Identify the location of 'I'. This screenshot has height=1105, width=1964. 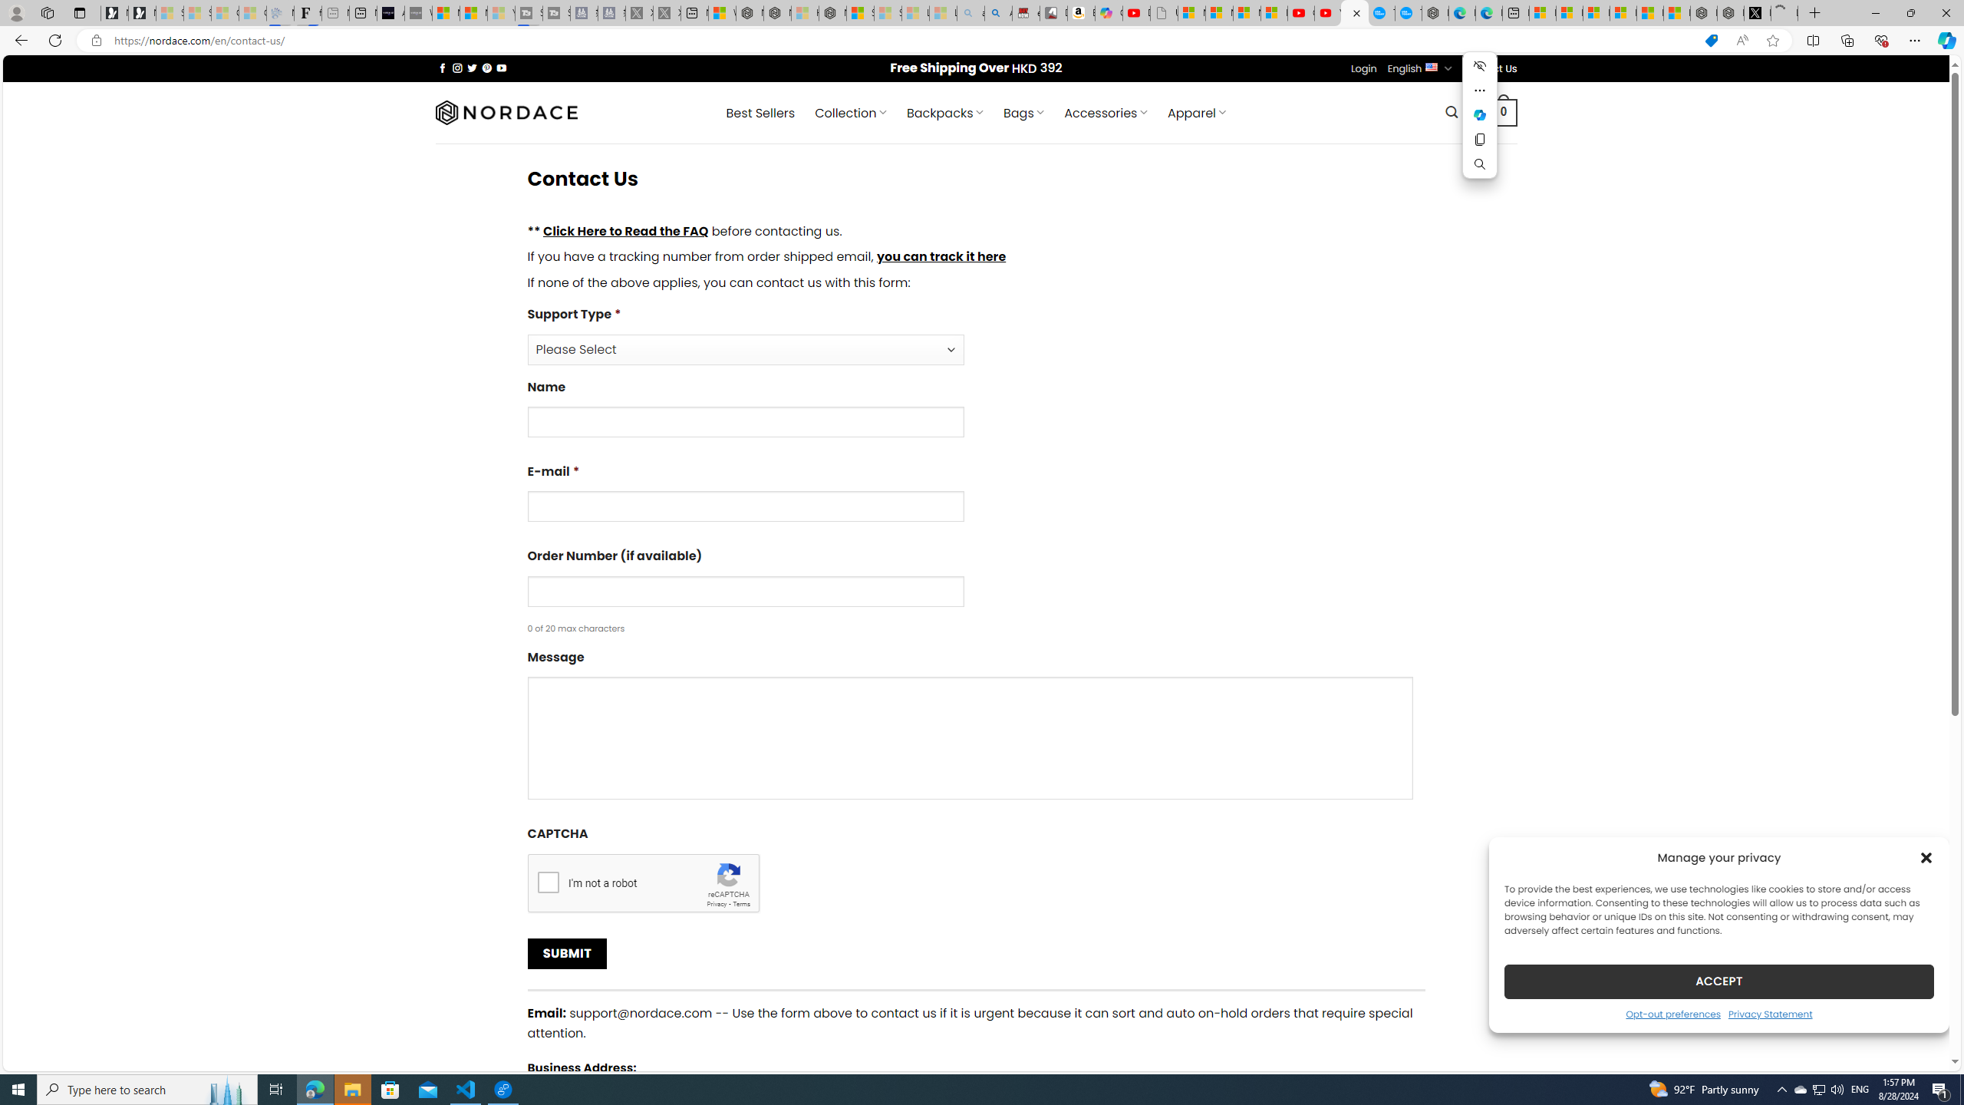
(547, 881).